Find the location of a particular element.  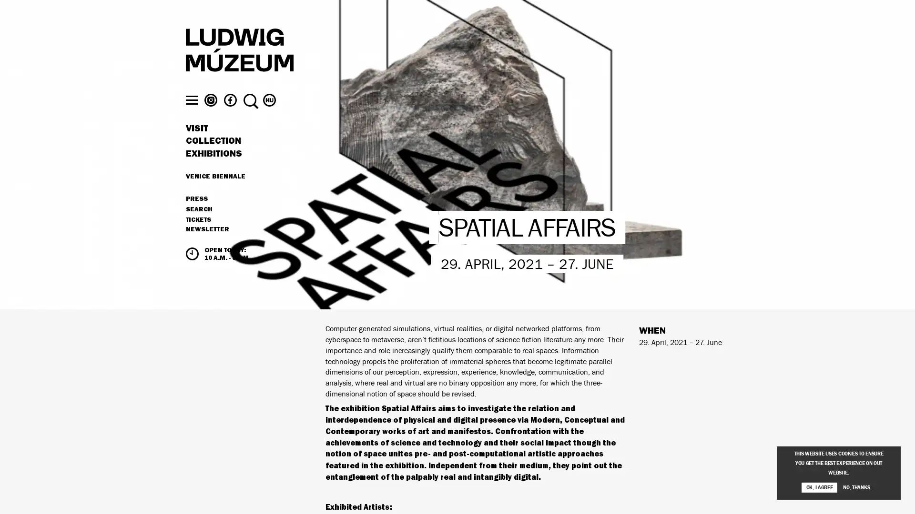

NO, THANKS is located at coordinates (856, 487).